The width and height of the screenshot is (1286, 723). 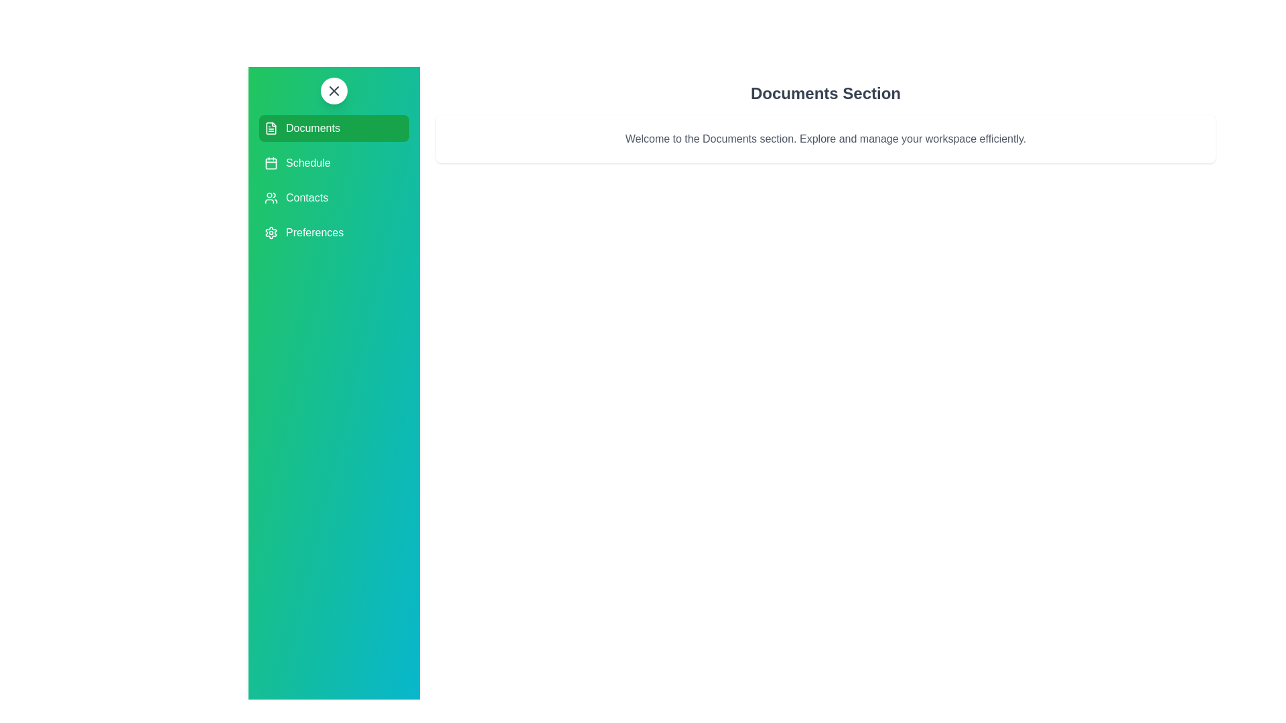 What do you see at coordinates (334, 129) in the screenshot?
I see `the section Documents to highlight it` at bounding box center [334, 129].